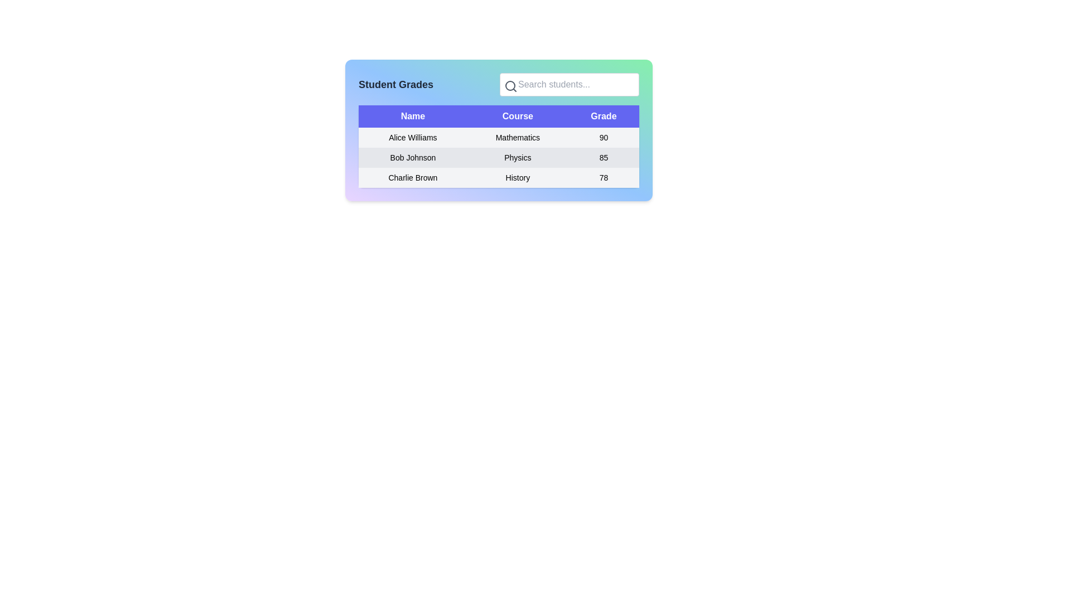 The height and width of the screenshot is (602, 1071). Describe the element at coordinates (412, 177) in the screenshot. I see `the text label representing a student's name in the grades table` at that location.